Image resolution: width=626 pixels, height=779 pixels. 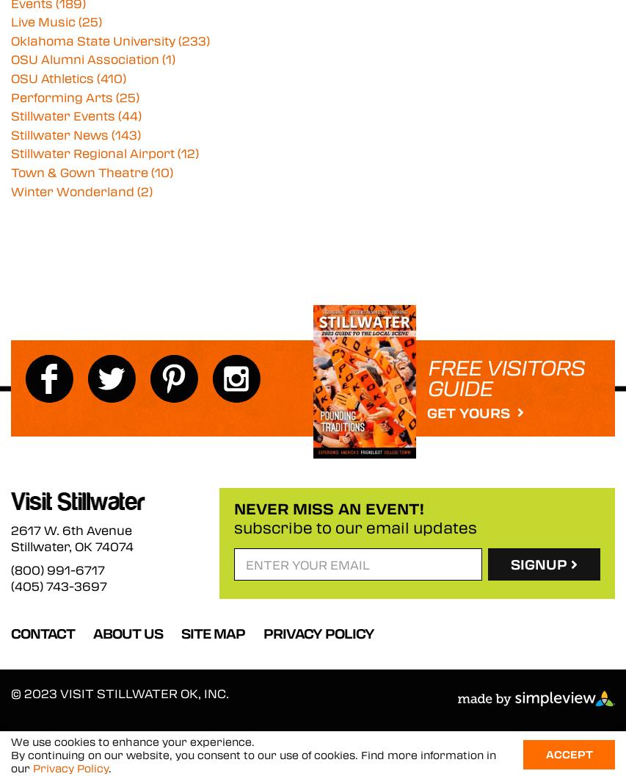 What do you see at coordinates (70, 529) in the screenshot?
I see `'2617 W. 6th Avenue'` at bounding box center [70, 529].